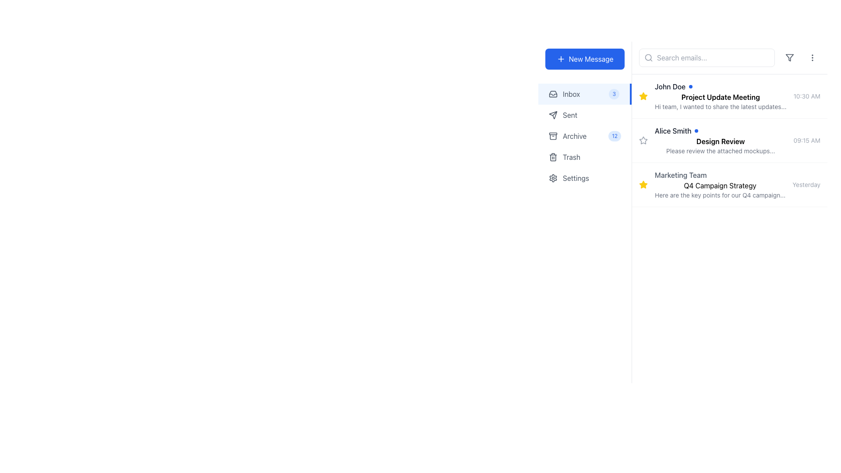 The image size is (841, 473). I want to click on the first list item in the email client that displays 'John Doe' as the sender, with a blue dot, the subject 'Project Update Meeting', and the snippet 'Hi team, I wanted to share the latest updates...', so click(729, 96).